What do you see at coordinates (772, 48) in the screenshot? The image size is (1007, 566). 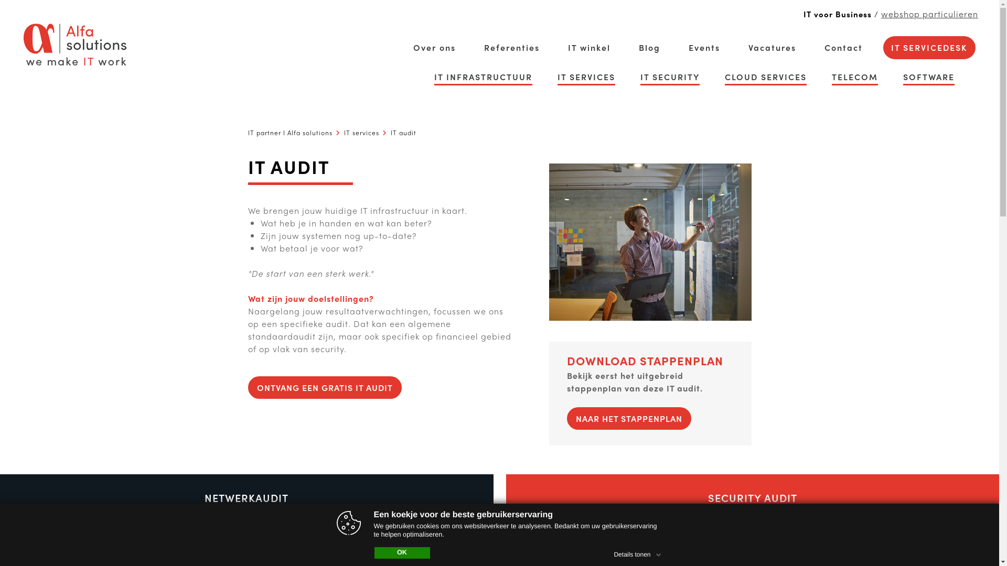 I see `'Vacatures'` at bounding box center [772, 48].